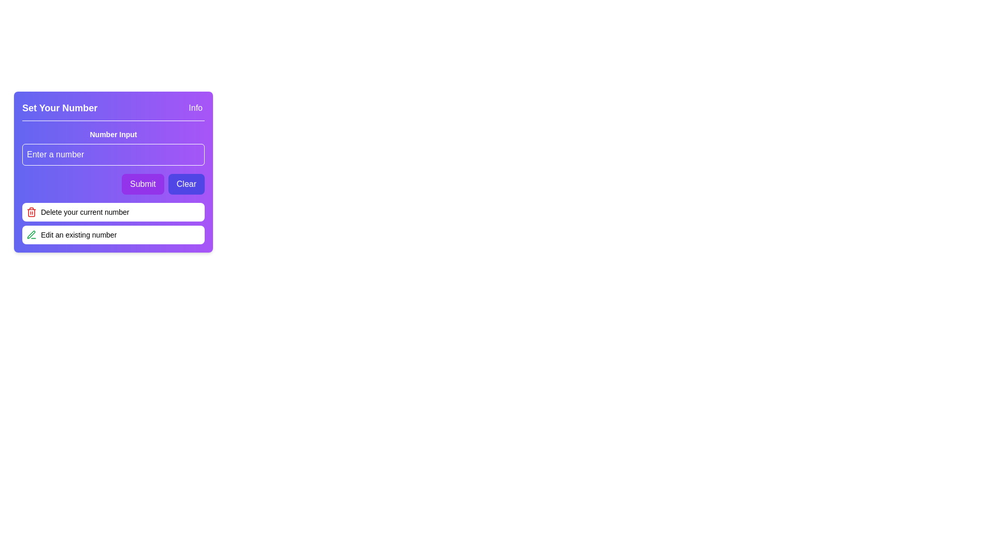  What do you see at coordinates (186, 183) in the screenshot?
I see `the 'Clear' button, which is styled with a rectangular shape, indigo background, and white text, located at the bottom-right section of a purple card` at bounding box center [186, 183].